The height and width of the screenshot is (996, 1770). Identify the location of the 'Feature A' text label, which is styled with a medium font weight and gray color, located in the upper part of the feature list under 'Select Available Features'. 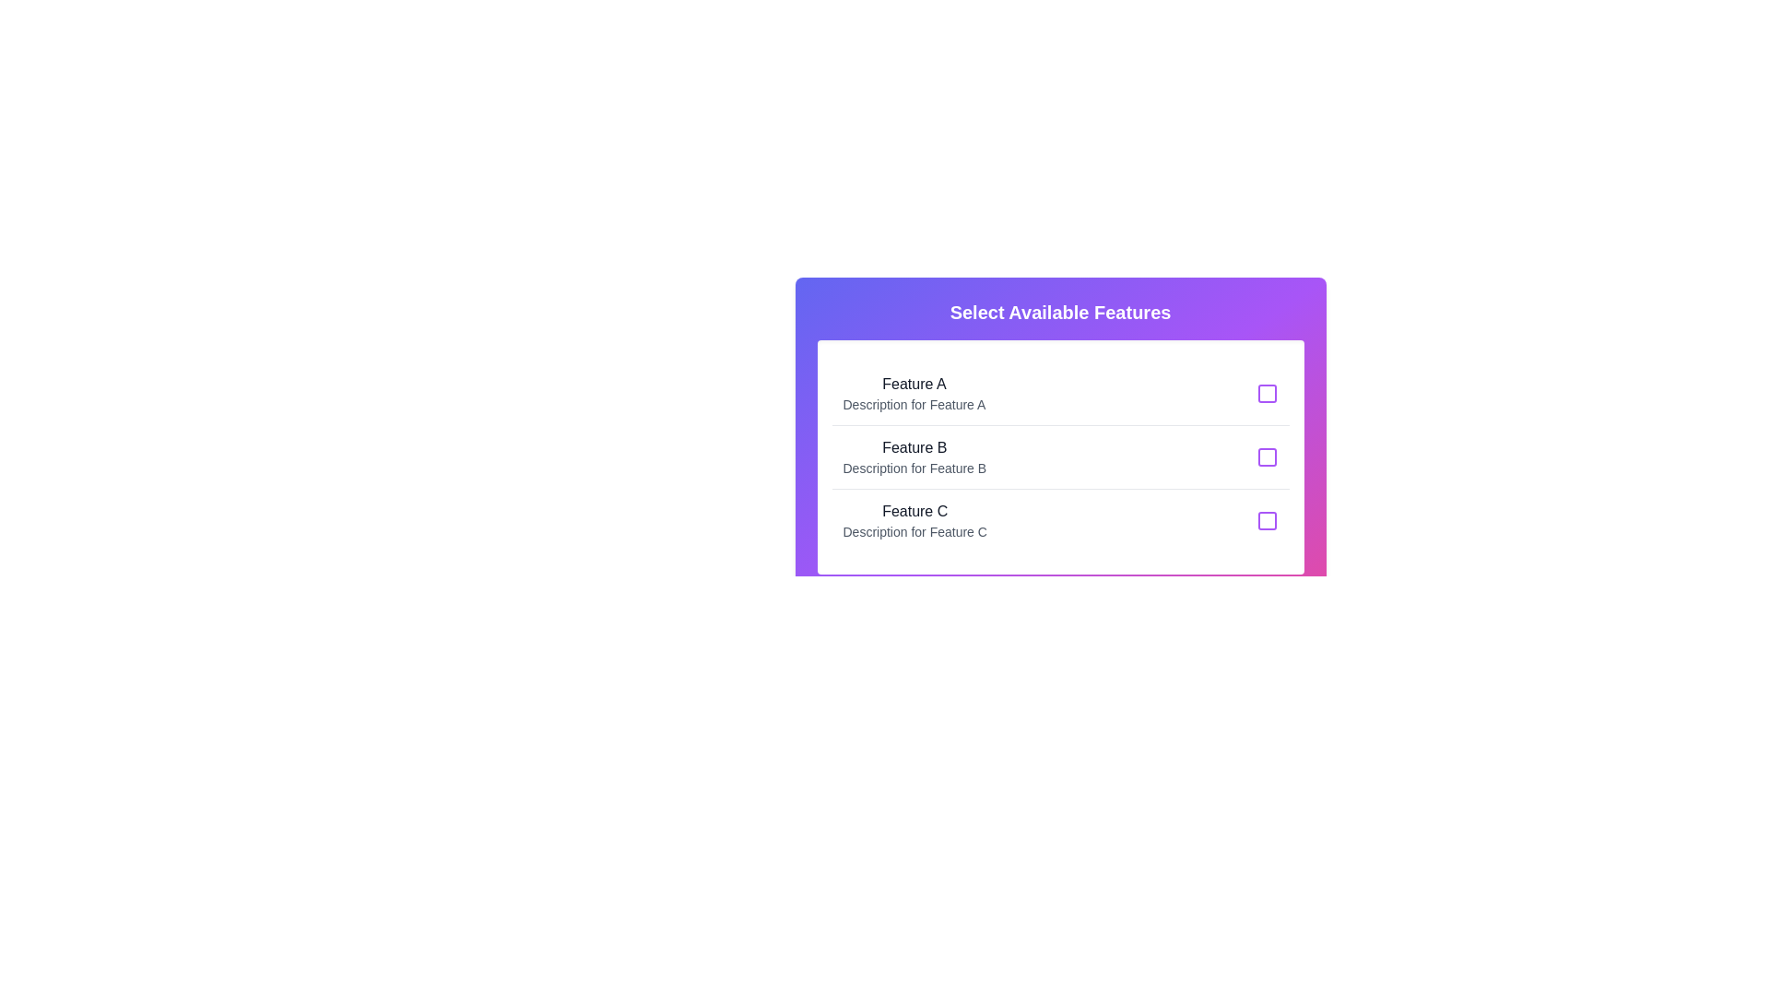
(914, 383).